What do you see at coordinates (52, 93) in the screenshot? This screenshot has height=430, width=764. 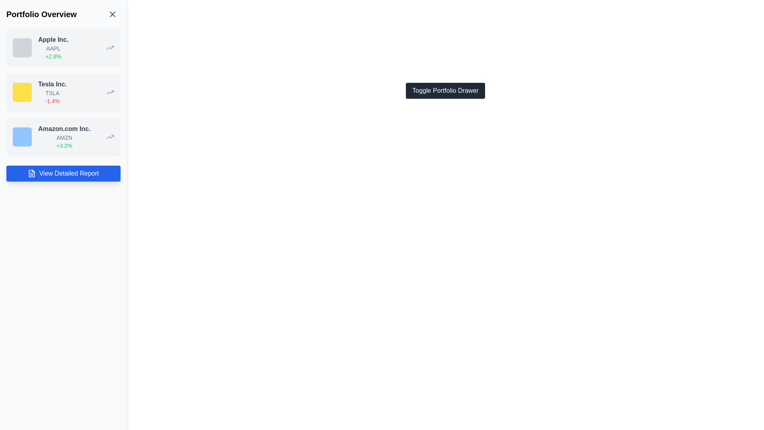 I see `the static text element displaying 'TSLA', which is positioned below 'Tesla Inc.' and above '-1.4%' in a vertically aligned layout` at bounding box center [52, 93].